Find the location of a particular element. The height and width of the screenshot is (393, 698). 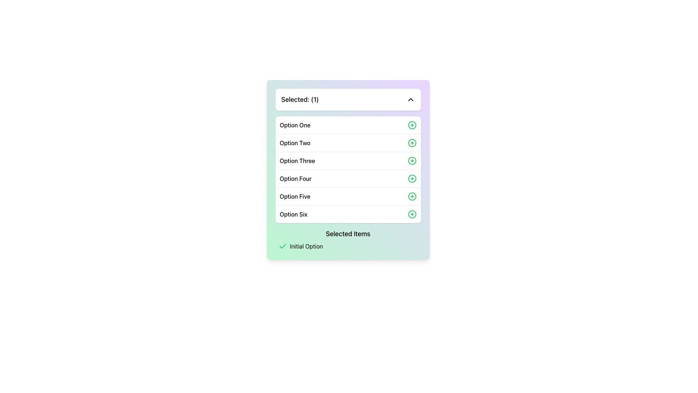

the Text Label that serves as a label for an option in the selection menu, located on the third row below 'Selected: (1)', between 'Option Two' and 'Option Four' is located at coordinates (297, 160).